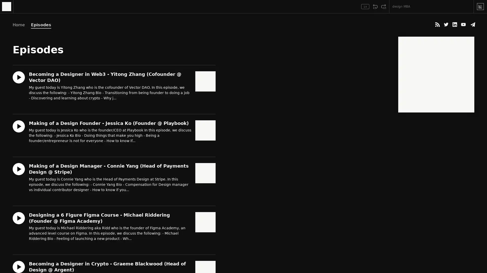  I want to click on Play, so click(19, 126).